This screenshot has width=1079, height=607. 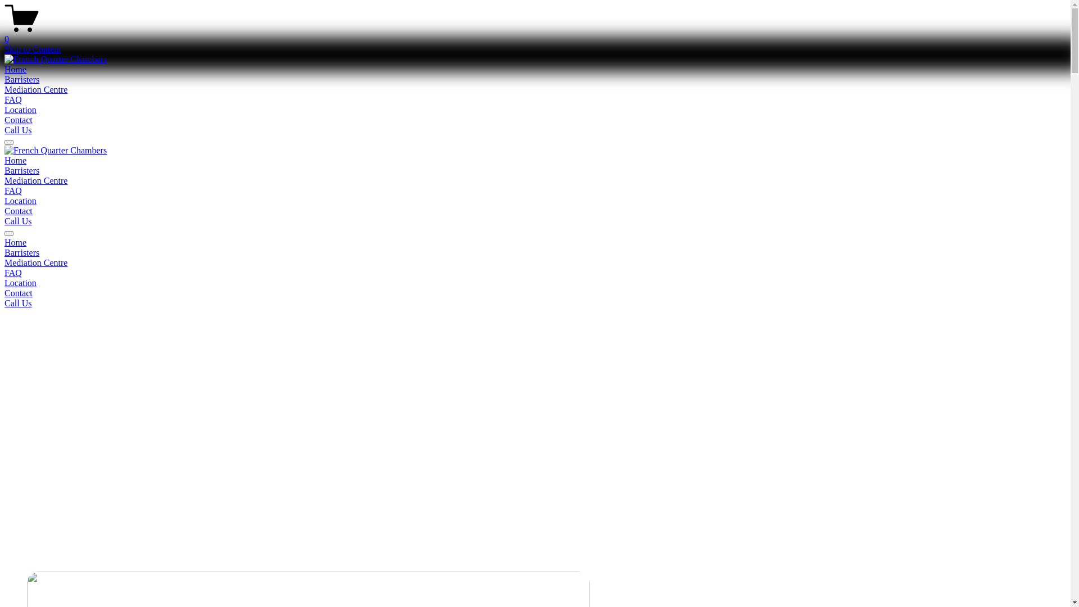 I want to click on 'Location', so click(x=4, y=110).